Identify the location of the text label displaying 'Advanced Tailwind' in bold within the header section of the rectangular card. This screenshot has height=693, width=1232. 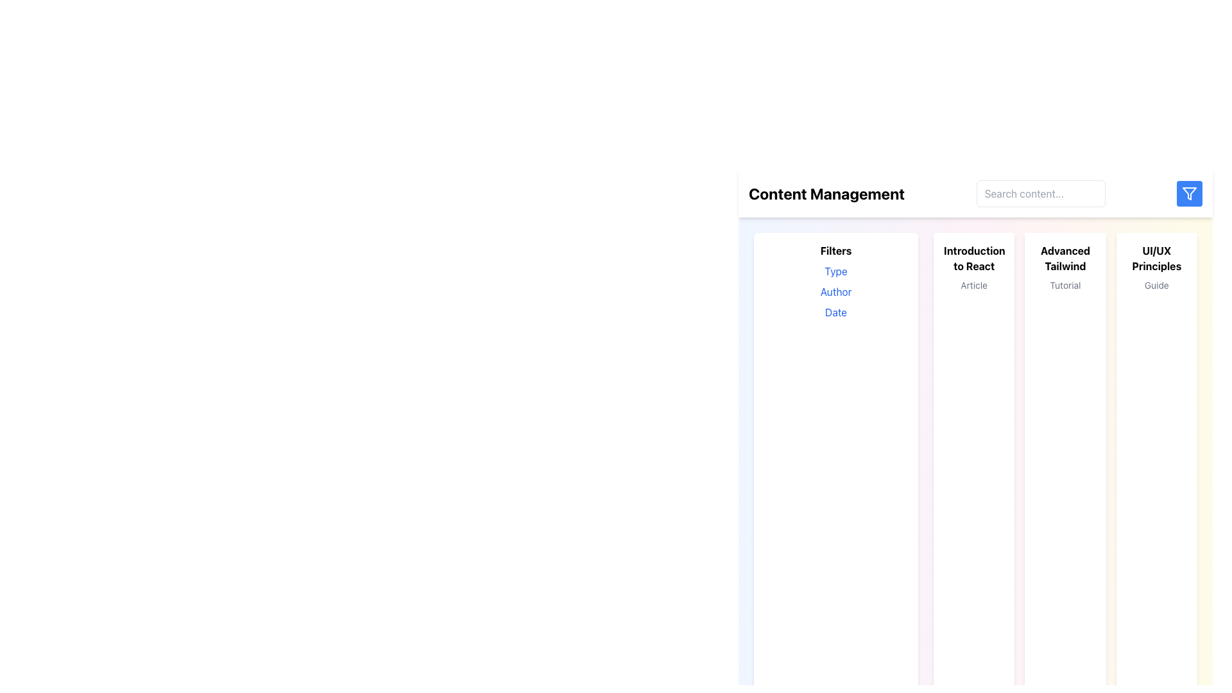
(1065, 258).